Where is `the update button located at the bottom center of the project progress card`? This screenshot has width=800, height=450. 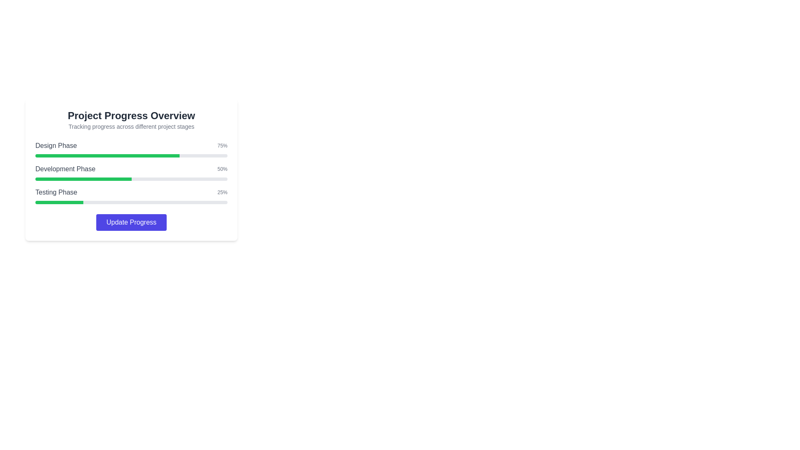 the update button located at the bottom center of the project progress card is located at coordinates (131, 222).